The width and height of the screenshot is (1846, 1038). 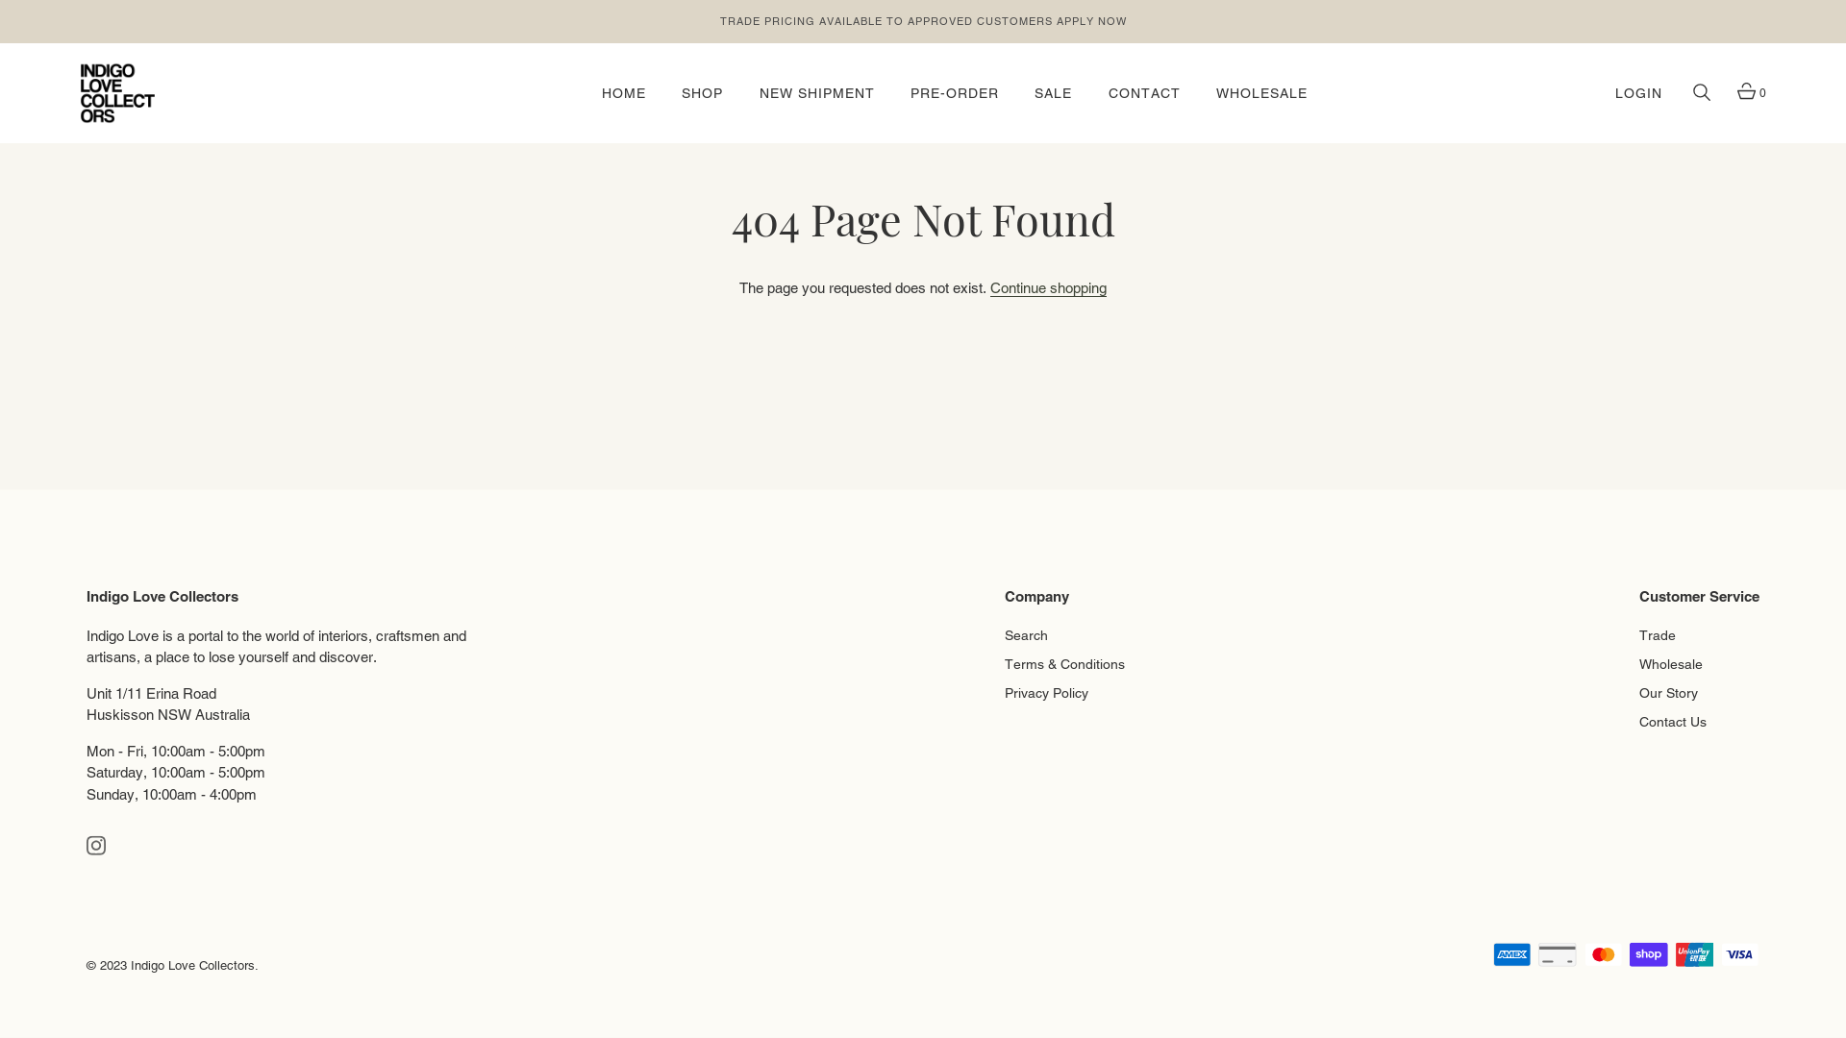 What do you see at coordinates (1261, 93) in the screenshot?
I see `'WHOLESALE'` at bounding box center [1261, 93].